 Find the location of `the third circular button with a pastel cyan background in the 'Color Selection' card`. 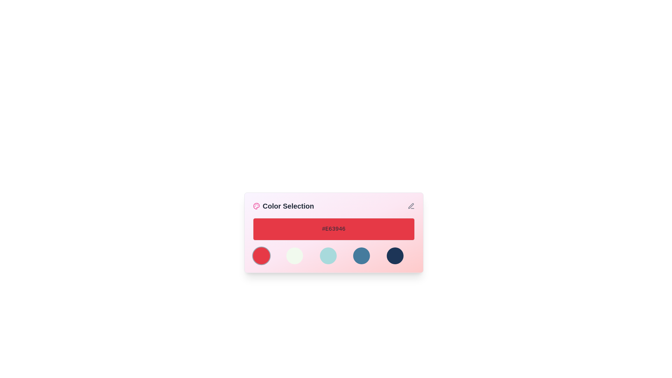

the third circular button with a pastel cyan background in the 'Color Selection' card is located at coordinates (333, 256).